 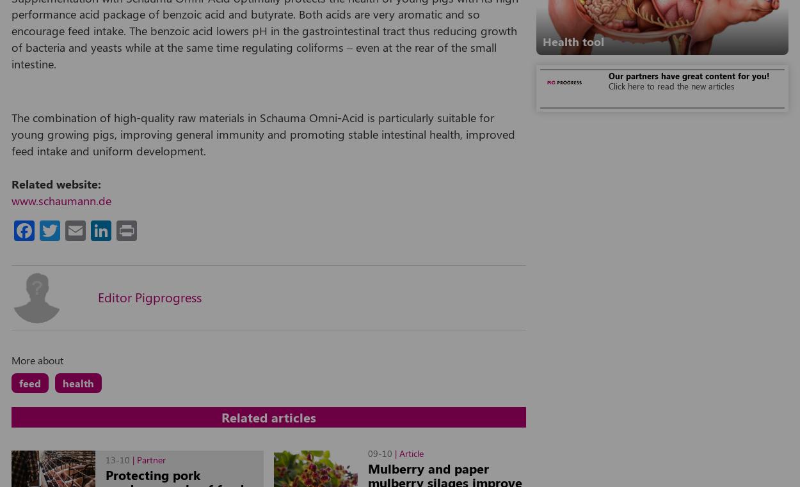 I want to click on 'www.schaumann.de', so click(x=60, y=199).